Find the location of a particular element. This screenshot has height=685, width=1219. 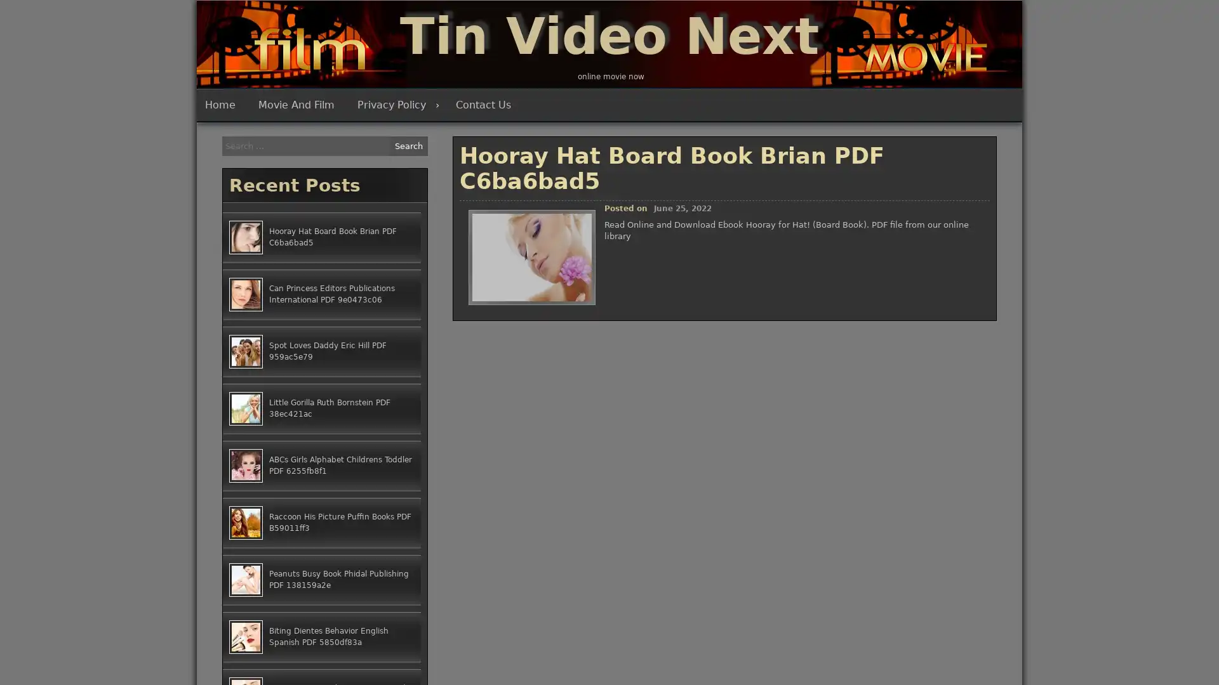

Search is located at coordinates (408, 145).